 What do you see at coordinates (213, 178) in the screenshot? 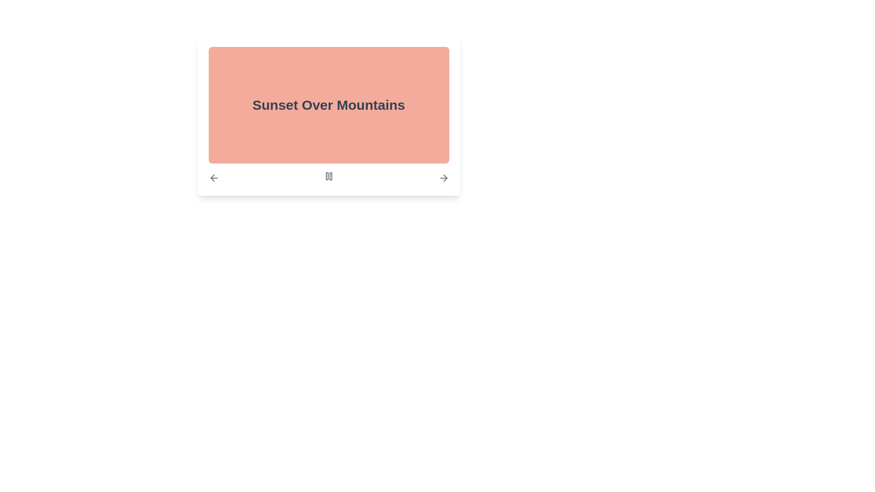
I see `the leftward-pointing arrow icon styled in gray colors, located to the left of the navigation bar beneath the panel labeled 'Sunset Over Mountains', to observe the color change upon hover` at bounding box center [213, 178].